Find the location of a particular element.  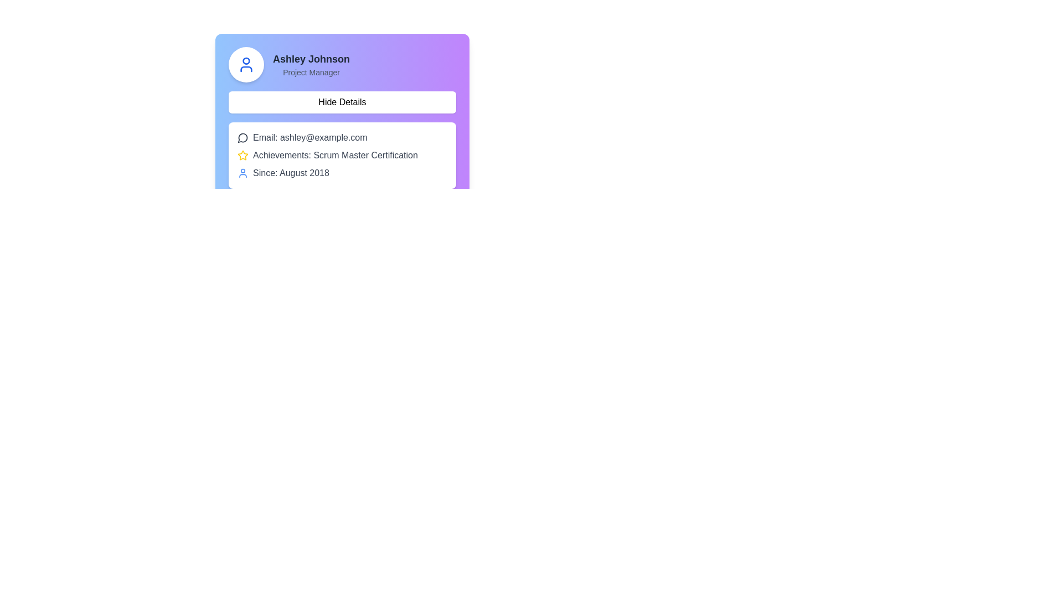

the Text with Icon displaying 'Achievements: Scrum Master Certification', which features a gold star icon and is positioned below the email entry and above the since entry in the user details list is located at coordinates (342, 156).